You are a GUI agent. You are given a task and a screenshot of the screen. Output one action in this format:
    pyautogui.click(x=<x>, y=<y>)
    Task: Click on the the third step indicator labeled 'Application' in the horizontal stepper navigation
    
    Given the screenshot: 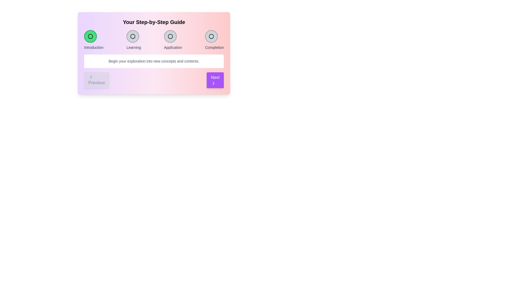 What is the action you would take?
    pyautogui.click(x=173, y=40)
    